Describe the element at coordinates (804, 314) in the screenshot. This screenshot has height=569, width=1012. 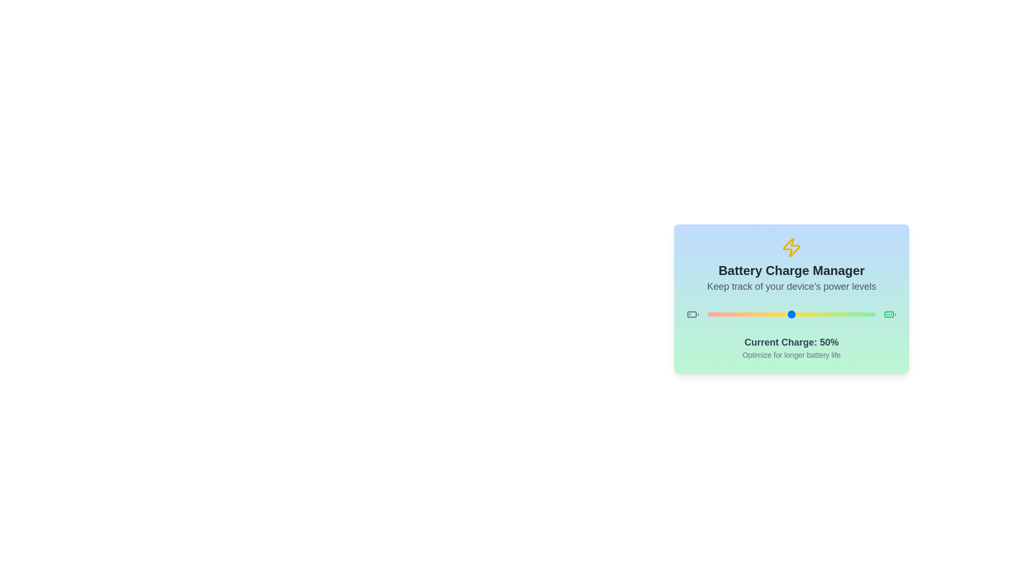
I see `the battery charge level to 58% using the slider` at that location.